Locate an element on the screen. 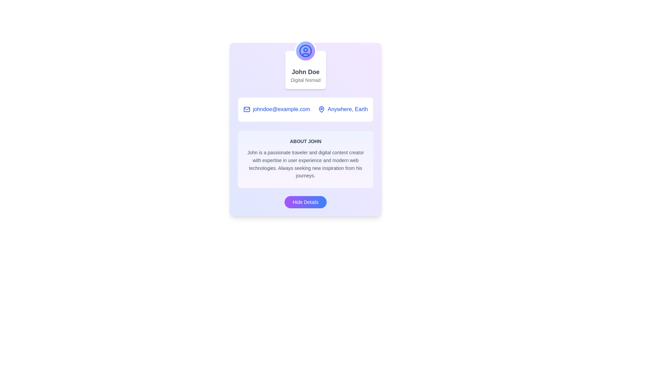 This screenshot has height=367, width=652. the text label indicating the location associated with the profile of 'John Doe', which is located towards the upper right side of the section, next to a blue email address link and a map pin icon is located at coordinates (348, 109).